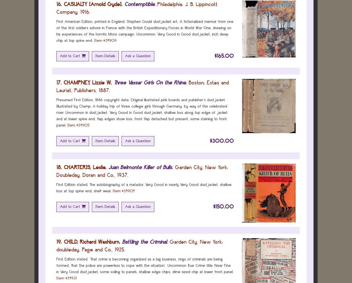 Image resolution: width=352 pixels, height=283 pixels. What do you see at coordinates (144, 188) in the screenshot?
I see `'First Edition stated. The autobiography of a matador. Very Good in nearly Very Good dustjacket, shallow loss at top spine end, shelf wear.'` at bounding box center [144, 188].